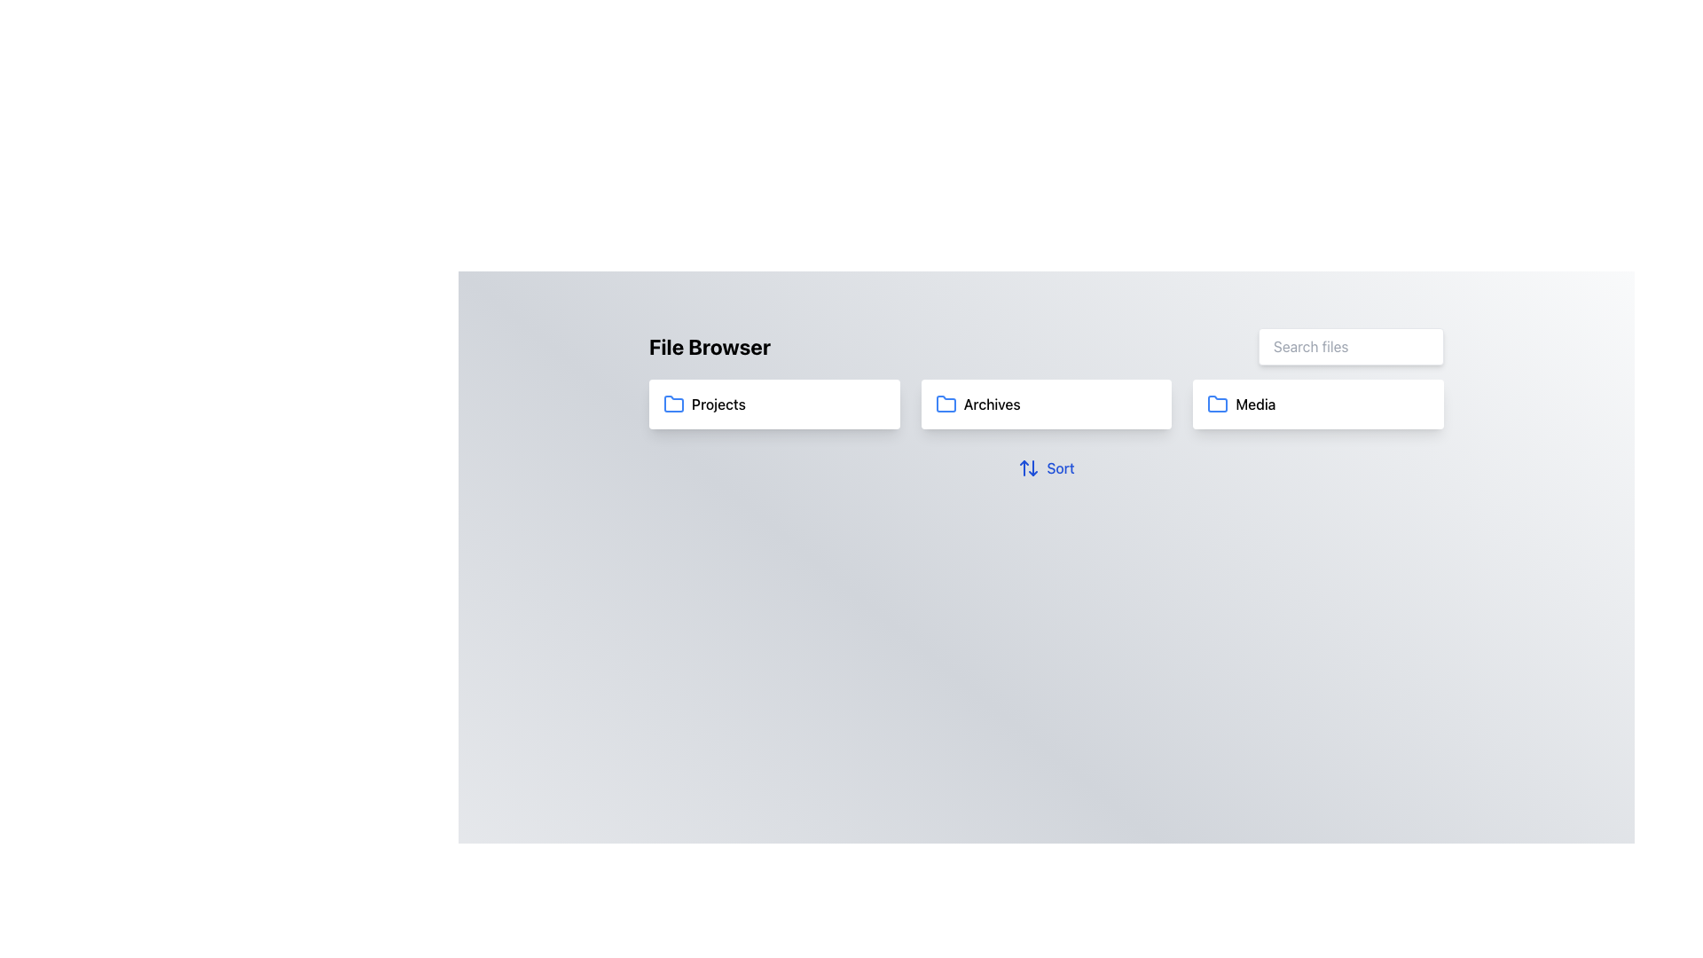 This screenshot has width=1703, height=958. I want to click on the 'Archives' card in the File Browser section, so click(1047, 407).